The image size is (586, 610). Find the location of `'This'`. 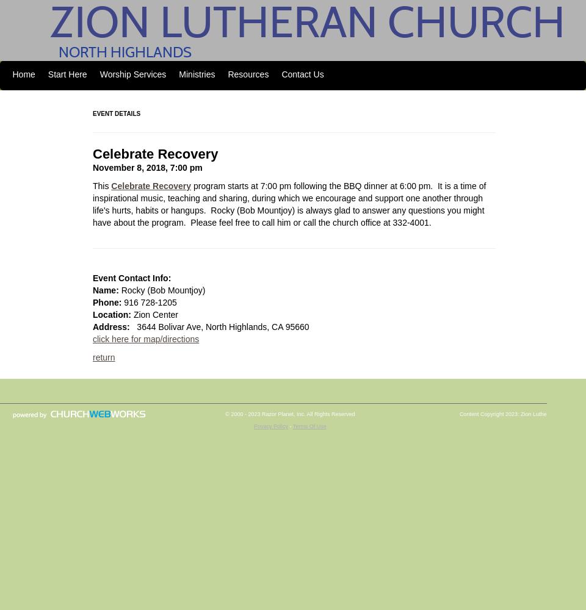

'This' is located at coordinates (101, 186).